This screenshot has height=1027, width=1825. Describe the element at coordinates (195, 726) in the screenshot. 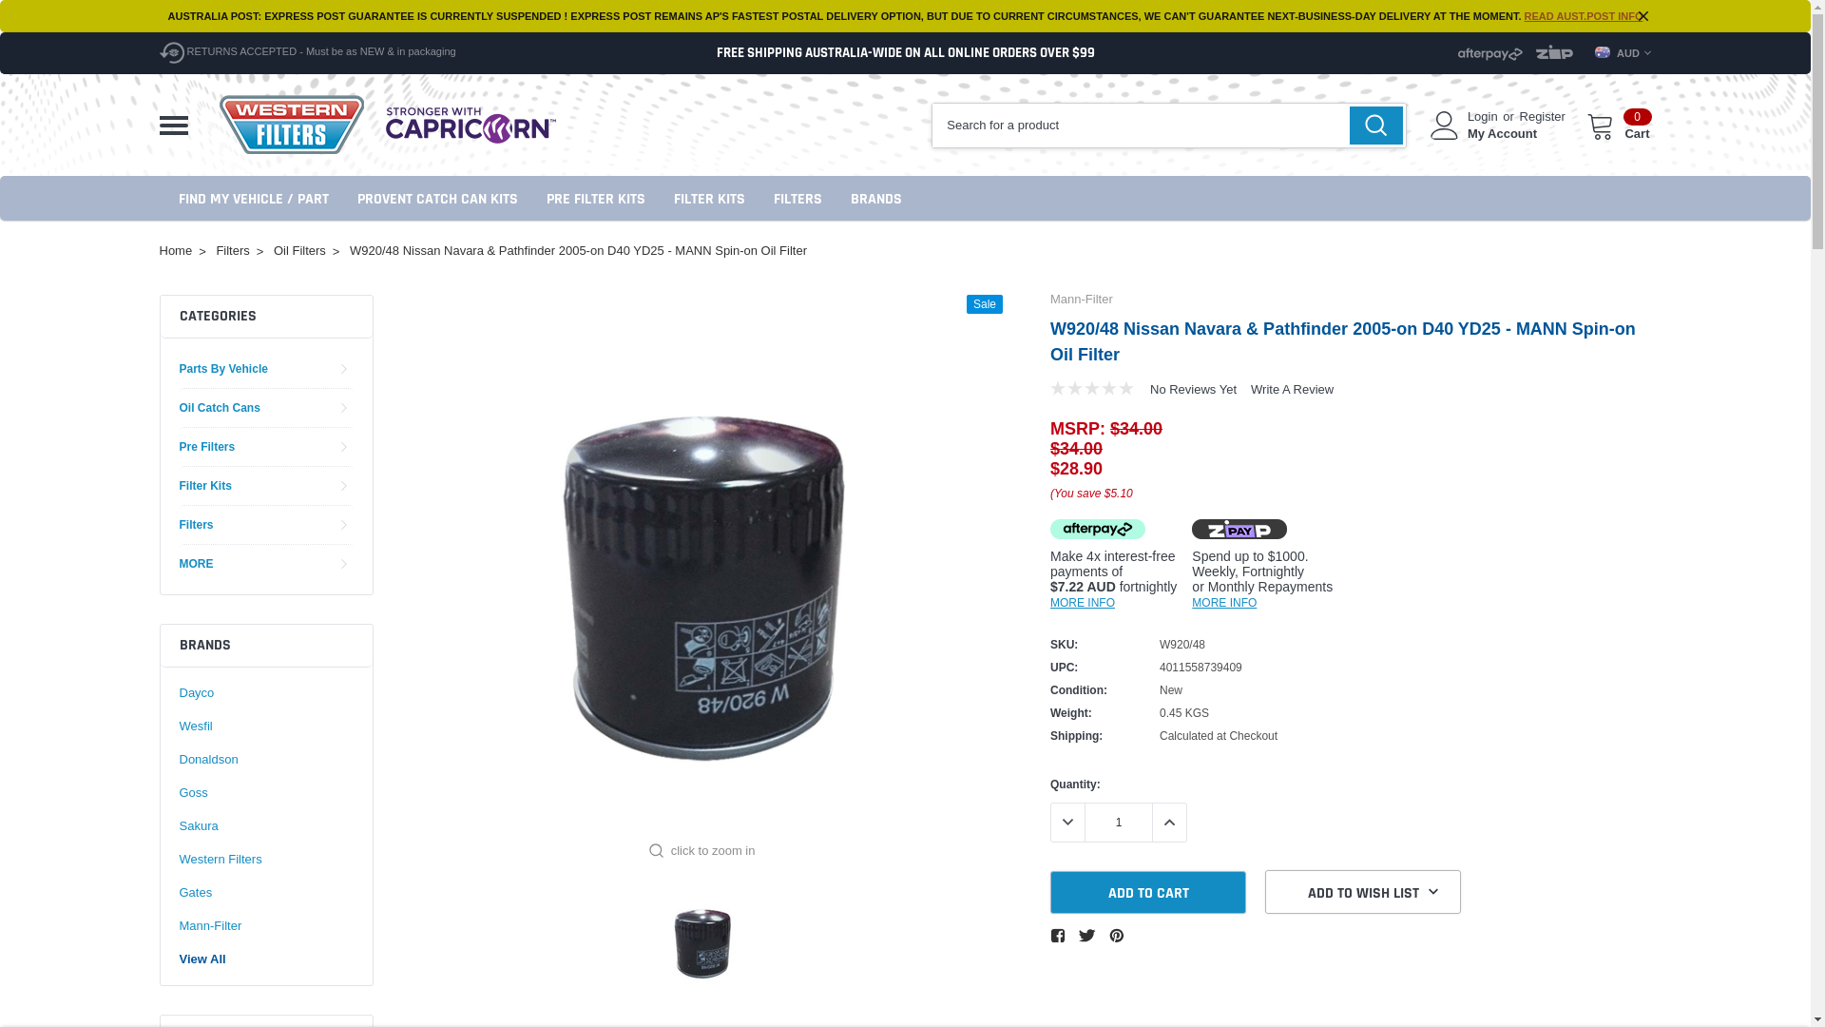

I see `'Wesfil'` at that location.